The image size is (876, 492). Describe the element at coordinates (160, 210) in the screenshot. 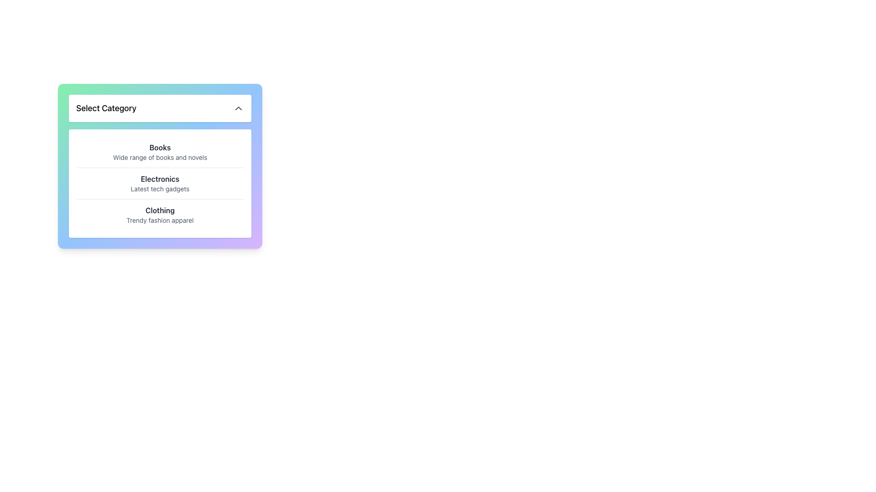

I see `header label for the 'Clothing' category in the dropdown menu, which is the first line of text in a two-line description` at that location.